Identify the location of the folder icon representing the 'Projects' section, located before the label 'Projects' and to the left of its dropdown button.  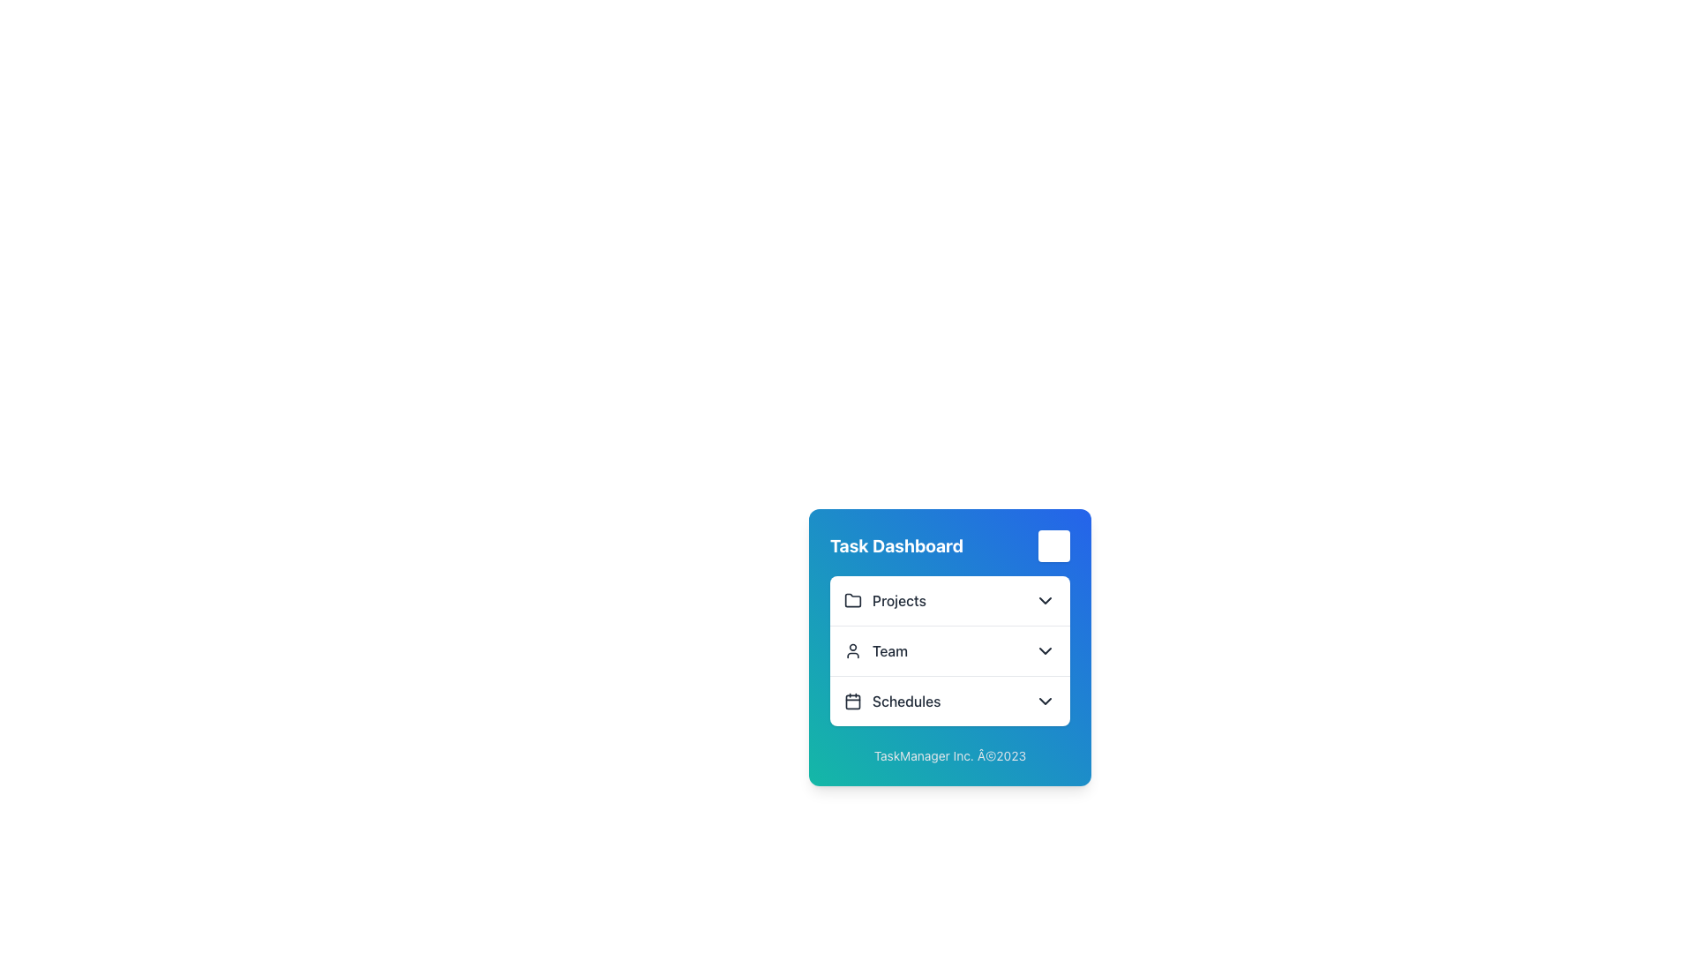
(852, 598).